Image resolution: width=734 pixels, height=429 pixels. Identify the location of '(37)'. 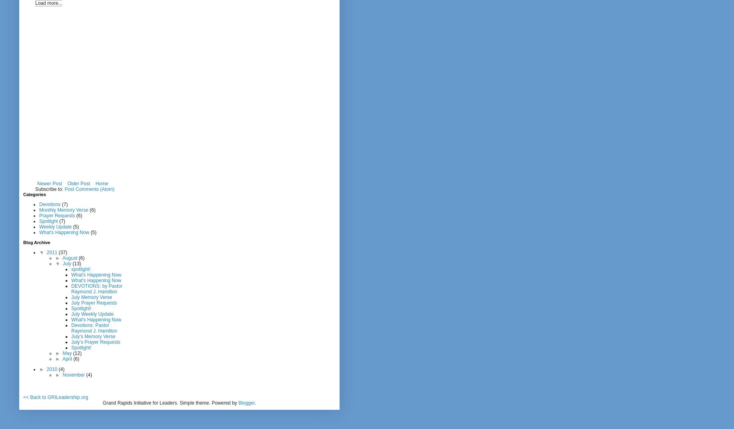
(62, 252).